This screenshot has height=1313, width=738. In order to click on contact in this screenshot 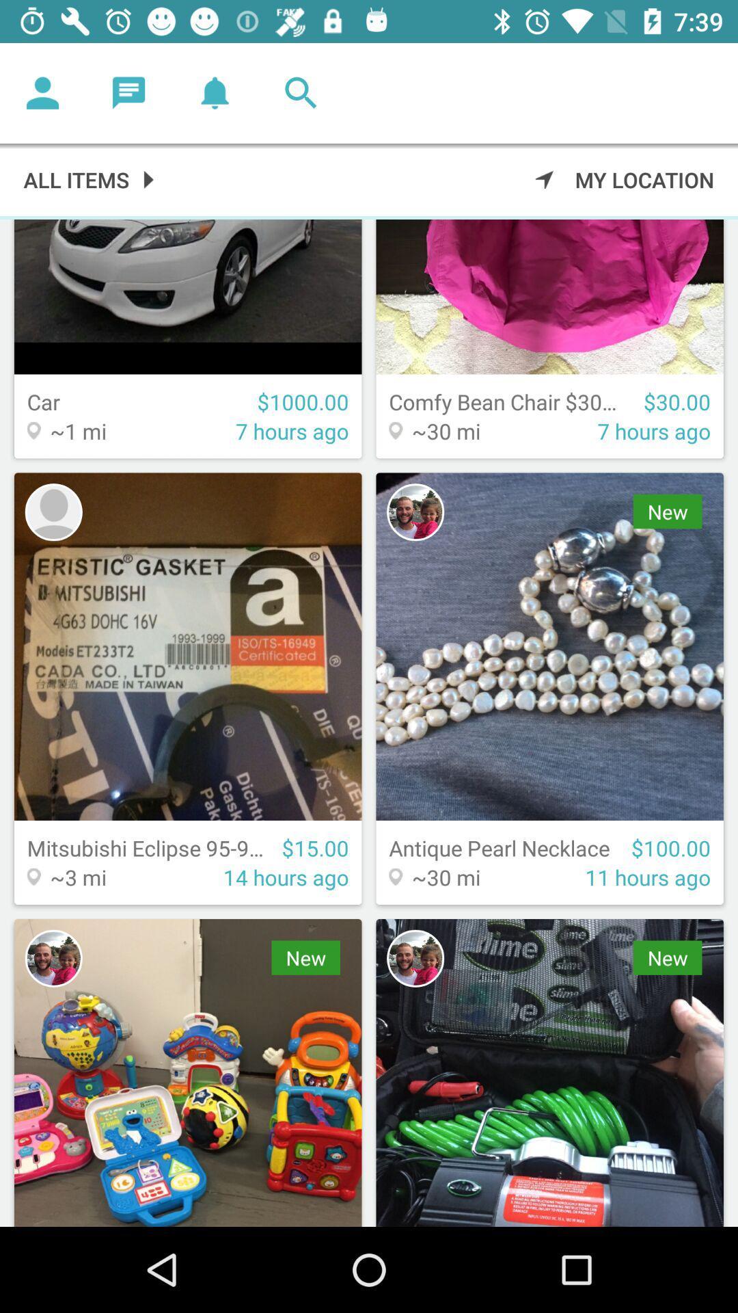, I will do `click(53, 512)`.